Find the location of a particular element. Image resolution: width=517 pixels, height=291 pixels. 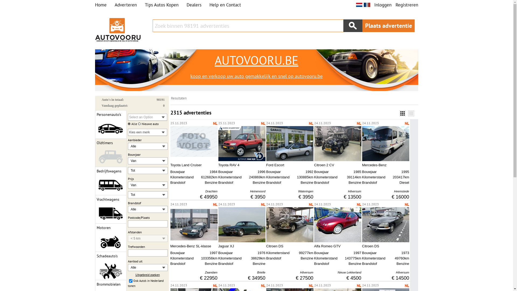

'Help en Contact' is located at coordinates (225, 5).